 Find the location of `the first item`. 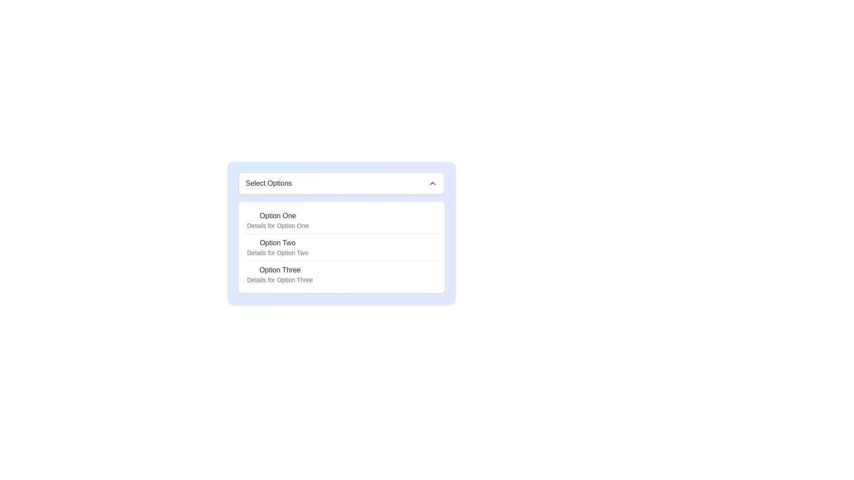

the first item is located at coordinates (277, 220).